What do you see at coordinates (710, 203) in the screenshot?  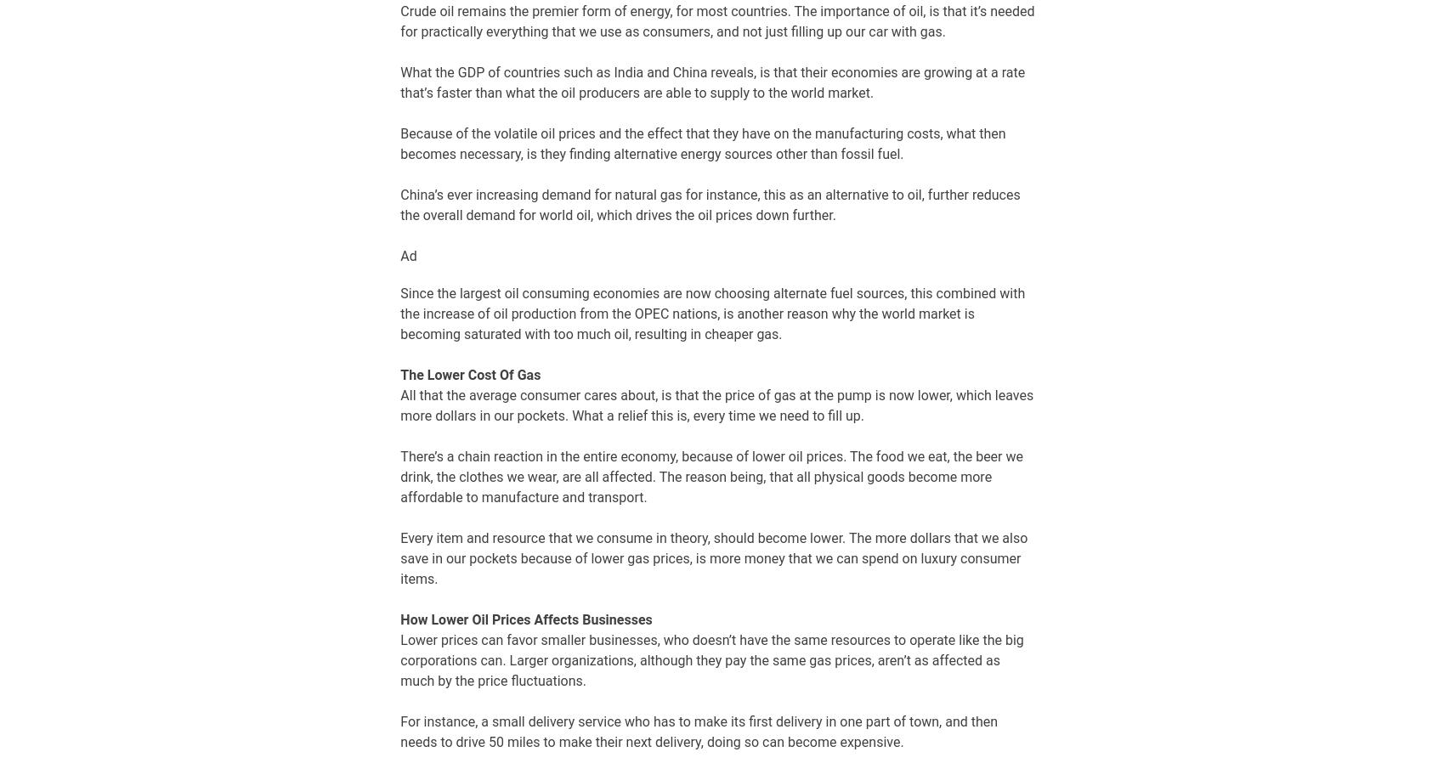 I see `'China’s ever increasing demand for natural gas for instance, this as an alternative to oil, further reduces the overall demand for world oil, which drives the oil prices down further.'` at bounding box center [710, 203].